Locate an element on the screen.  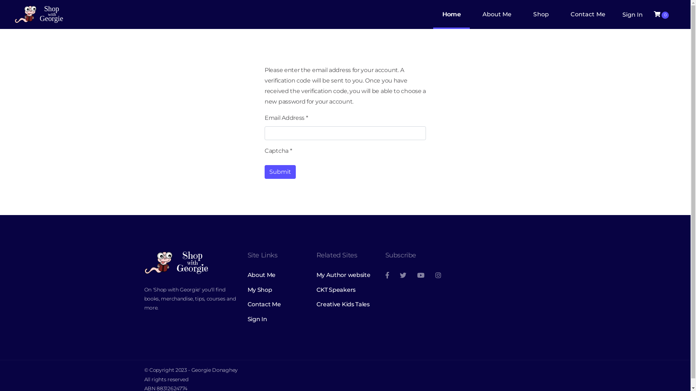
'Contact Me' is located at coordinates (247, 304).